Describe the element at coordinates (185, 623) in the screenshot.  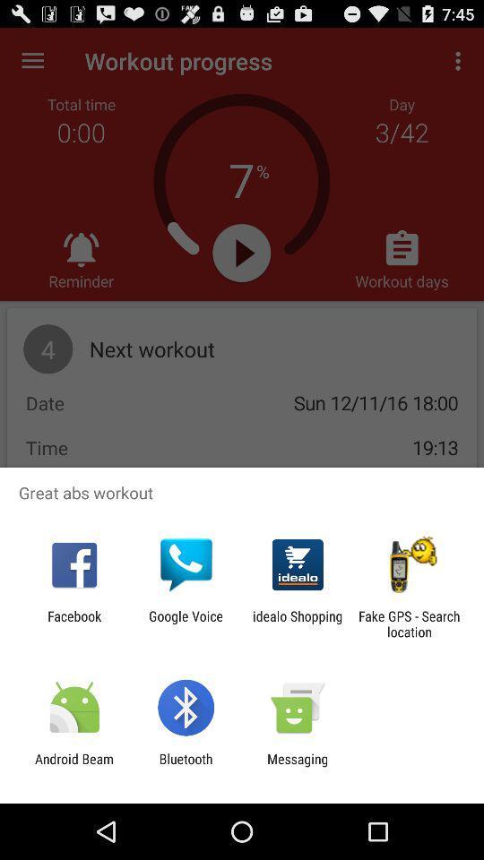
I see `the item to the right of facebook icon` at that location.